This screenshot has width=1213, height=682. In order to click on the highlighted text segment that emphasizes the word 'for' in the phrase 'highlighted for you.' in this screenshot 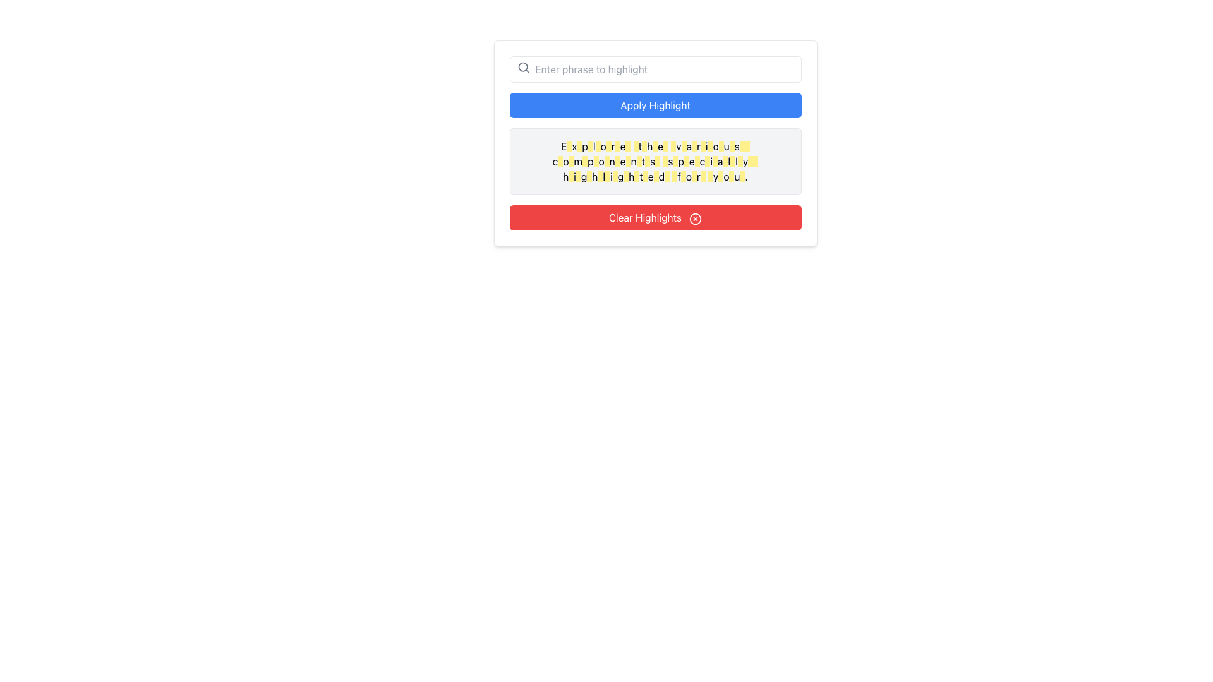, I will do `click(682, 177)`.